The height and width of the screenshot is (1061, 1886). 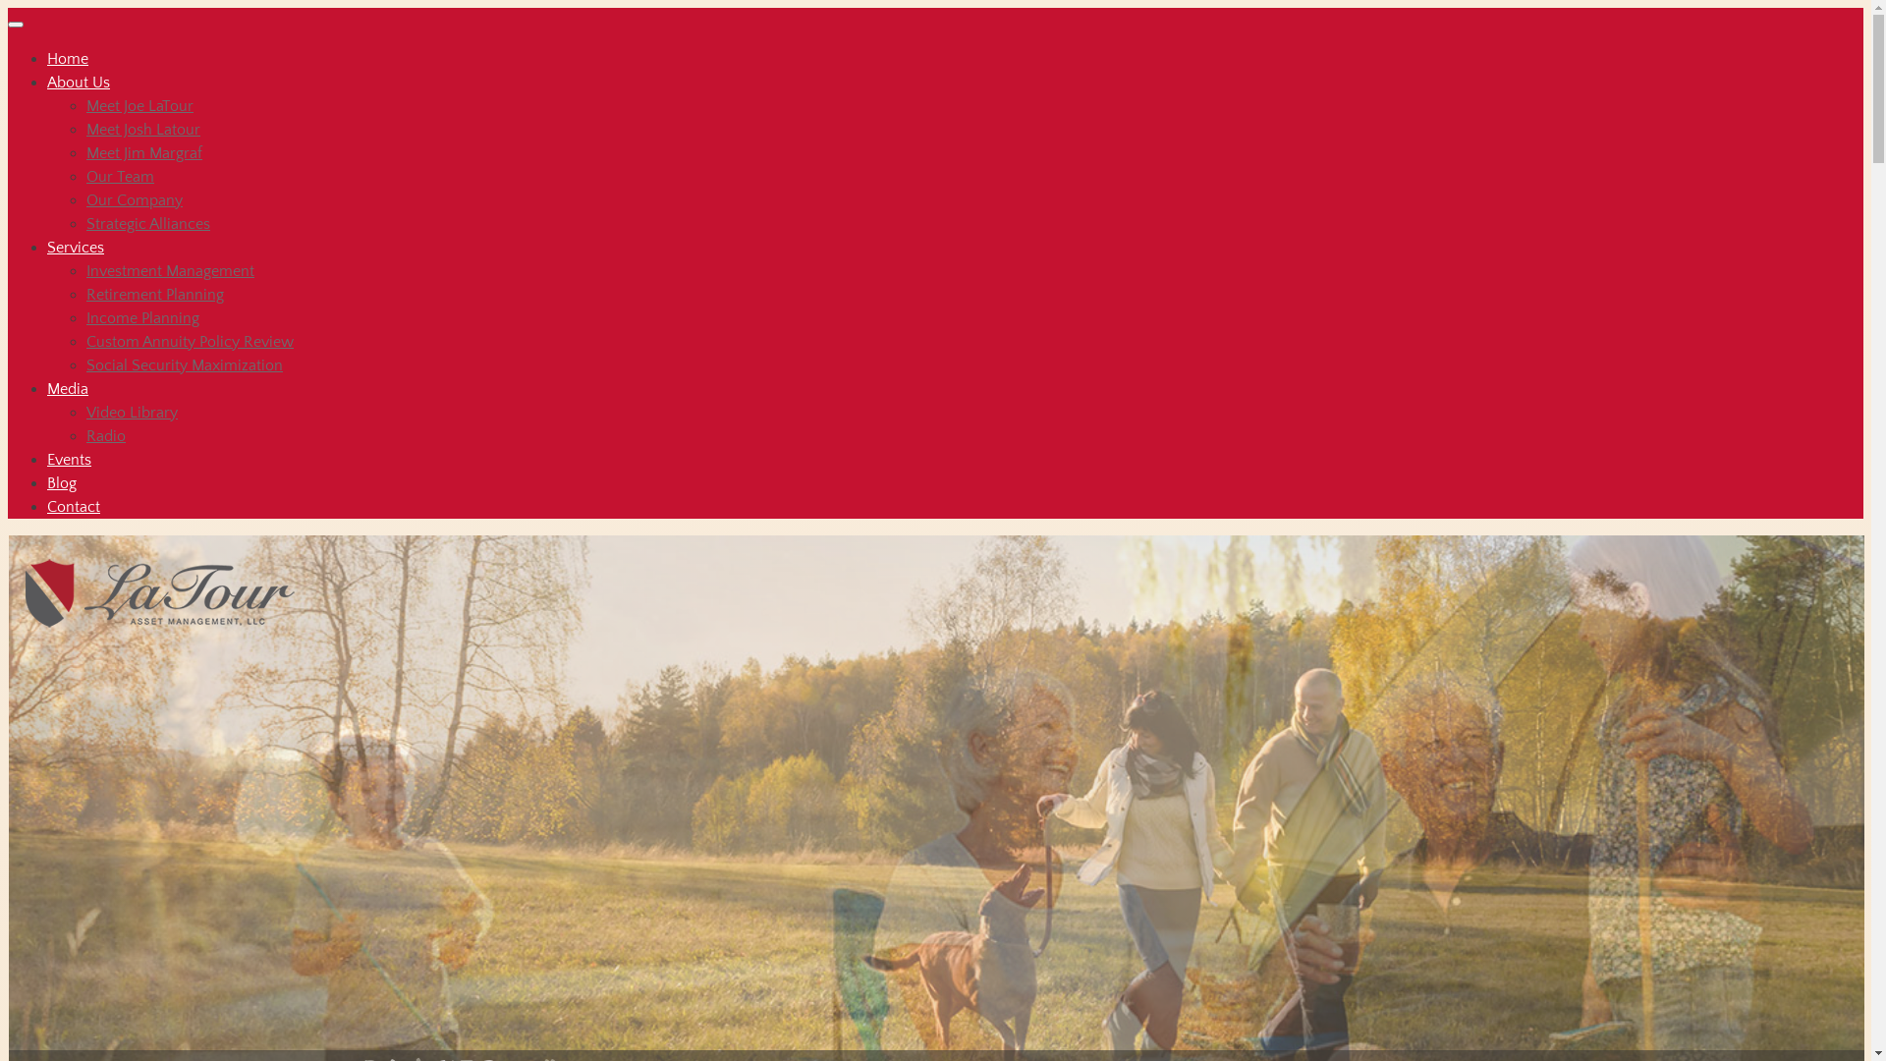 I want to click on 'Home', so click(x=67, y=58).